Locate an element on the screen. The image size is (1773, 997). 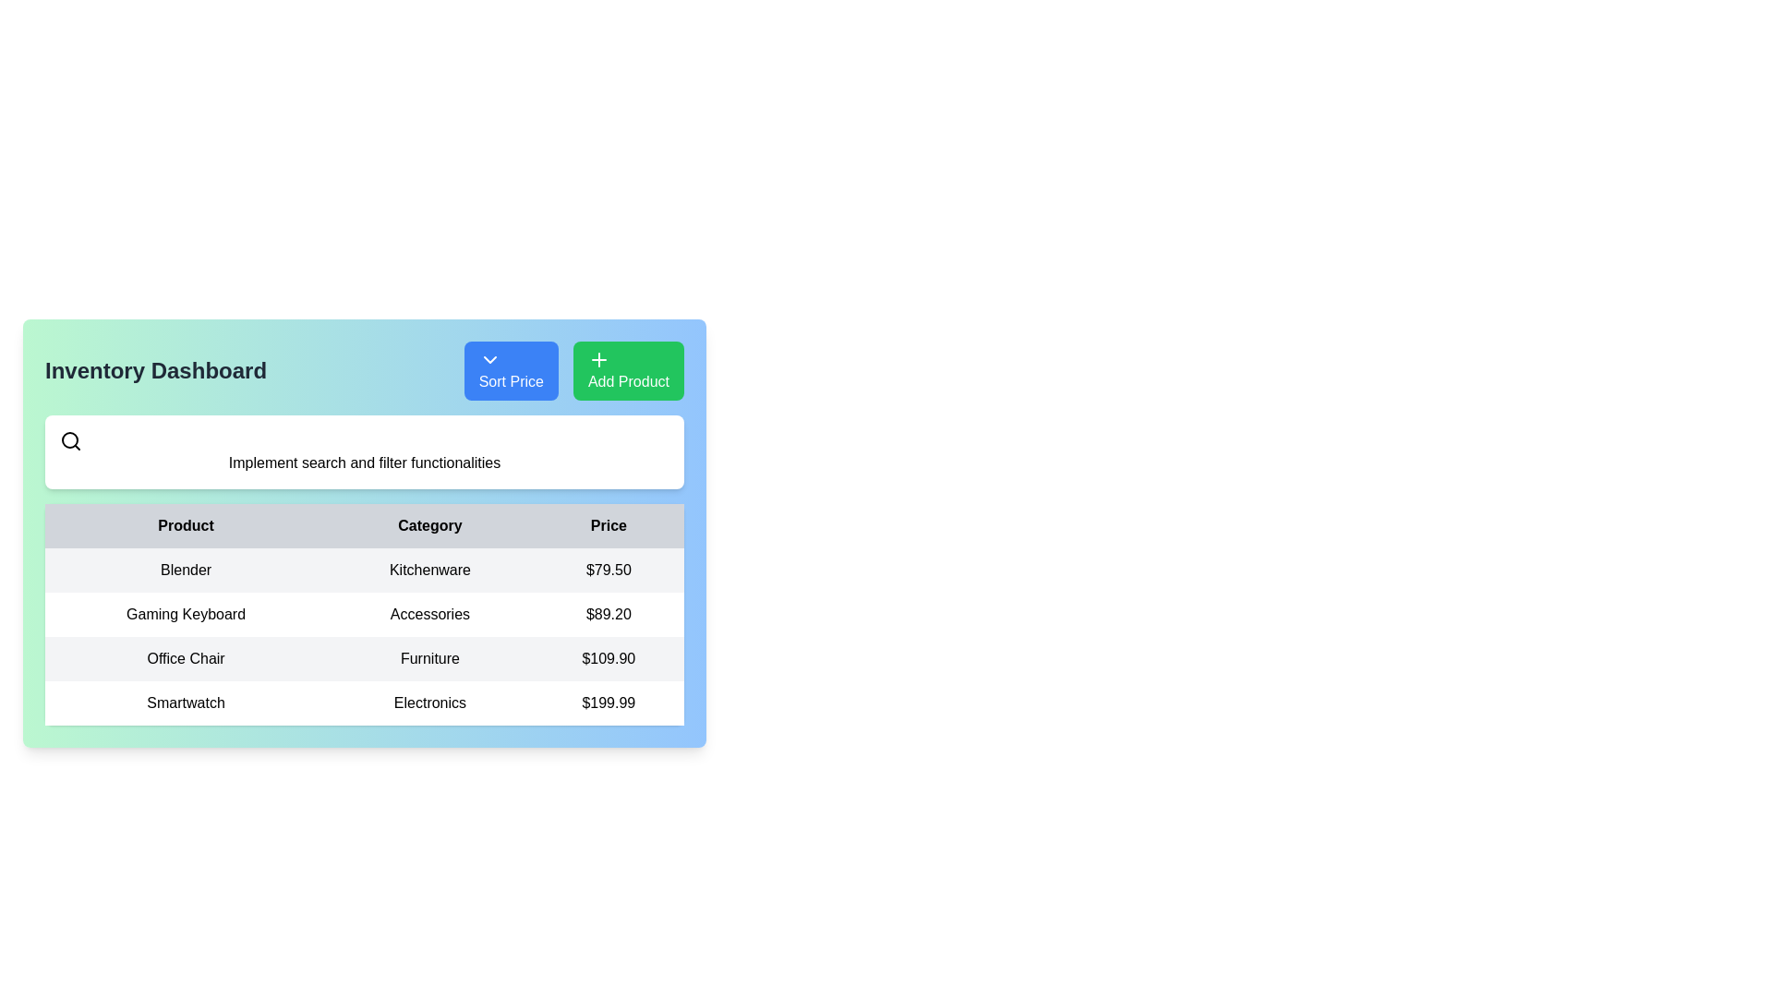
the second button from the right in the header area is located at coordinates (629, 370).